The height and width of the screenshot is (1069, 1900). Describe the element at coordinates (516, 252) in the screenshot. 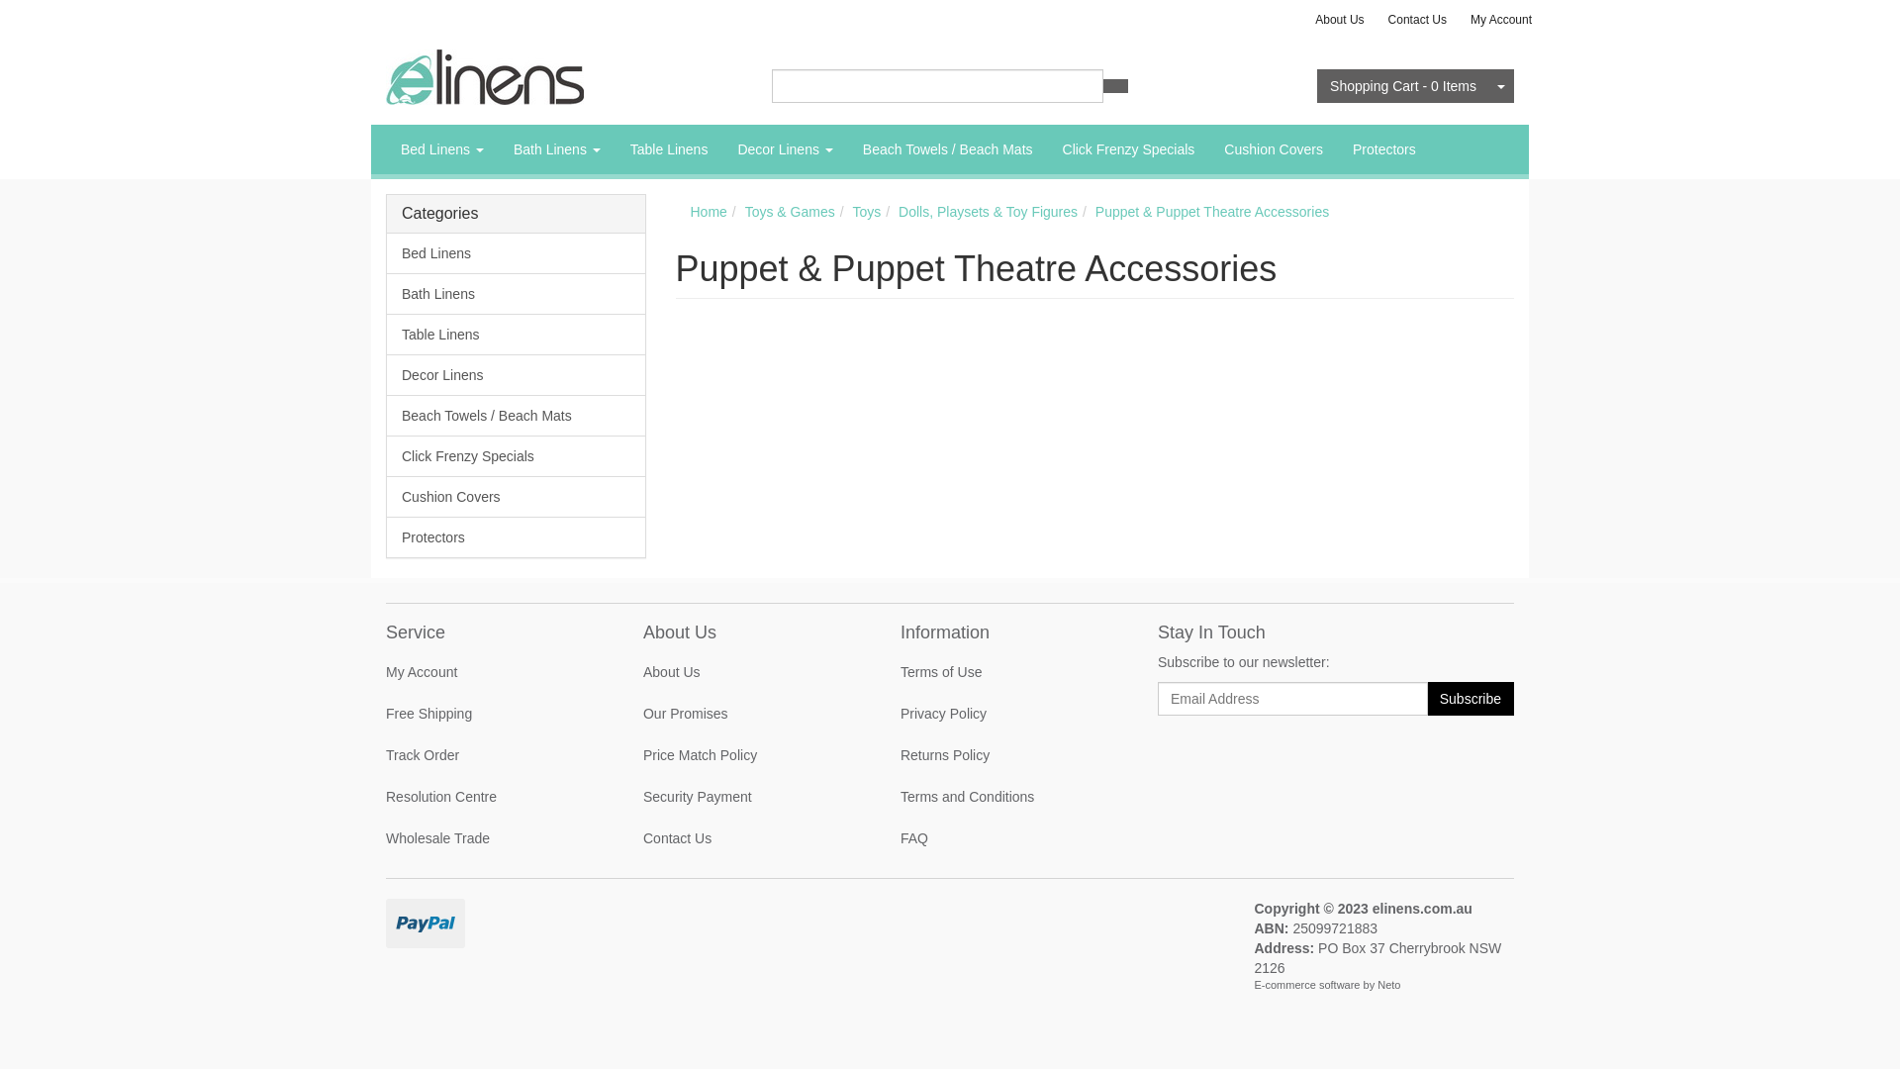

I see `'Bed Linens'` at that location.